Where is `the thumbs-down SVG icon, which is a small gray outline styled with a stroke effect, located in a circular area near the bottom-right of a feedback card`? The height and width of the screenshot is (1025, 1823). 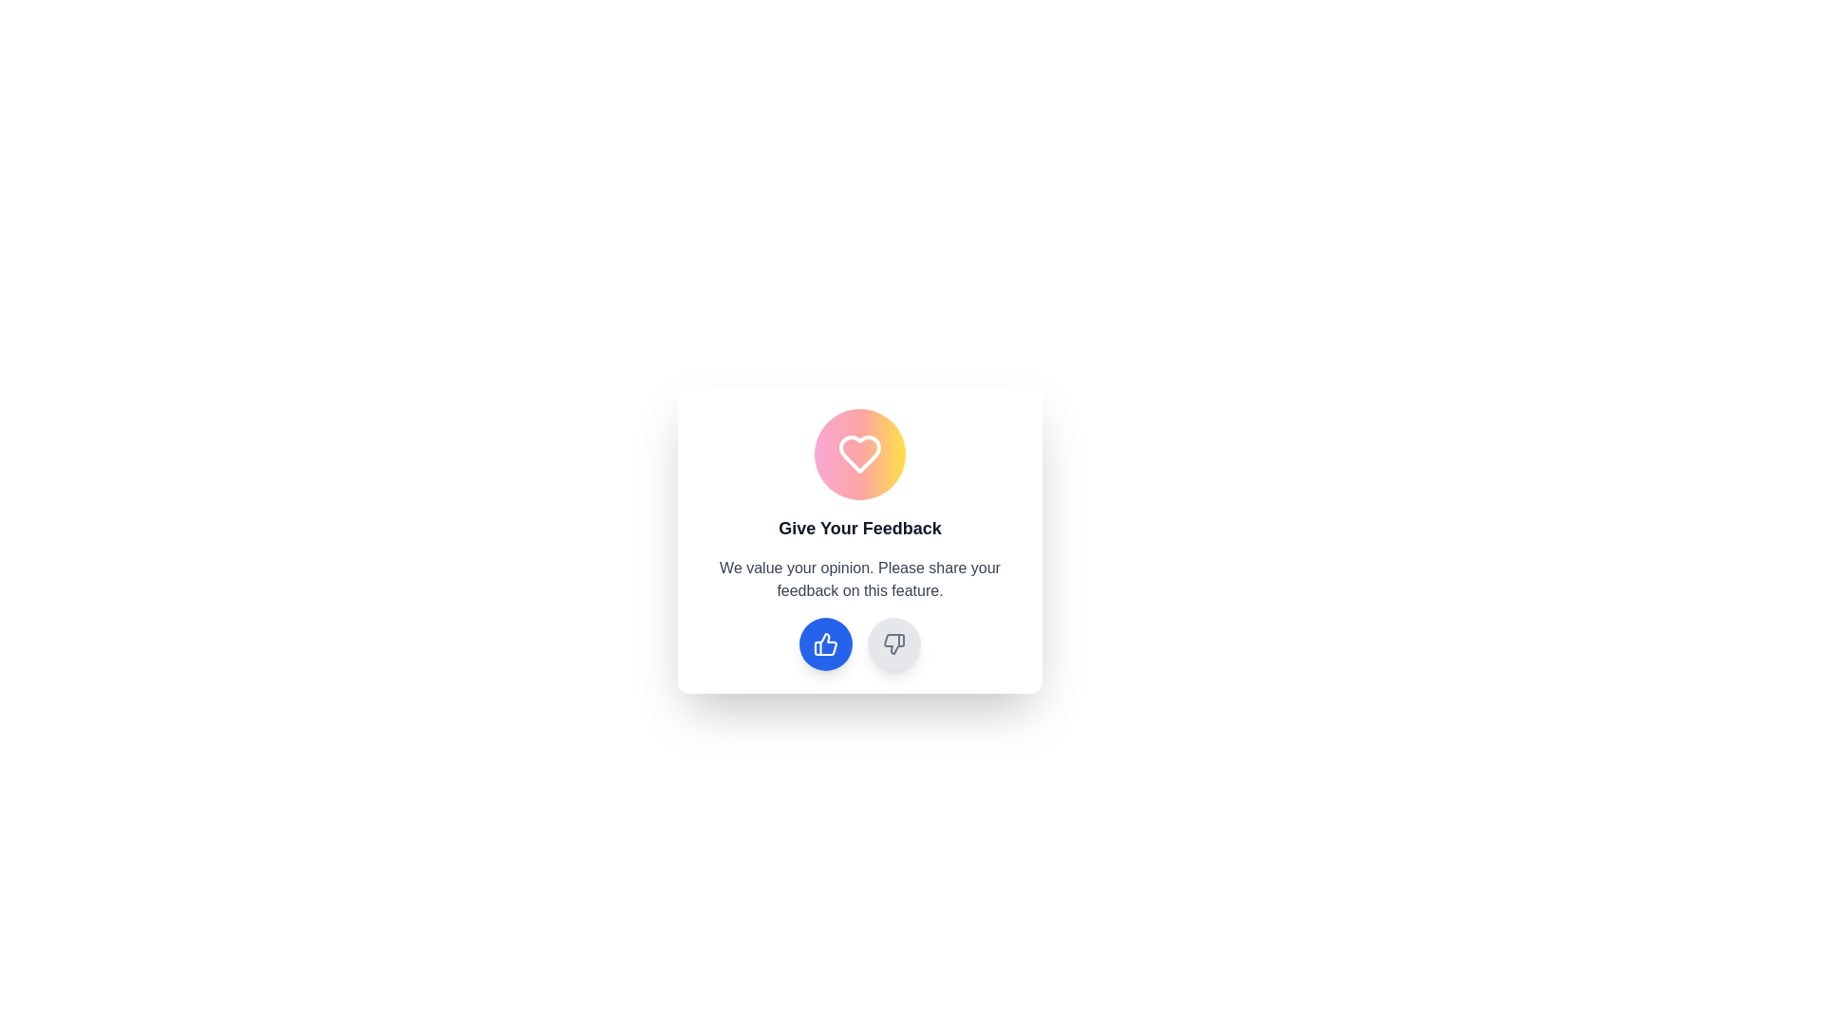 the thumbs-down SVG icon, which is a small gray outline styled with a stroke effect, located in a circular area near the bottom-right of a feedback card is located at coordinates (893, 643).